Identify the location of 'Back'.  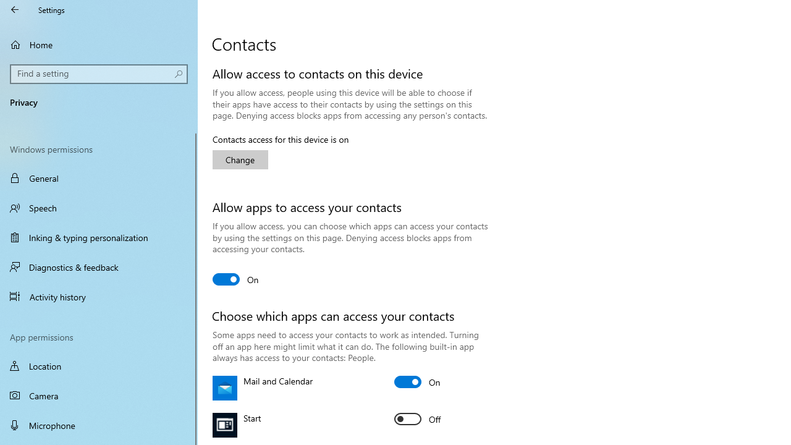
(15, 9).